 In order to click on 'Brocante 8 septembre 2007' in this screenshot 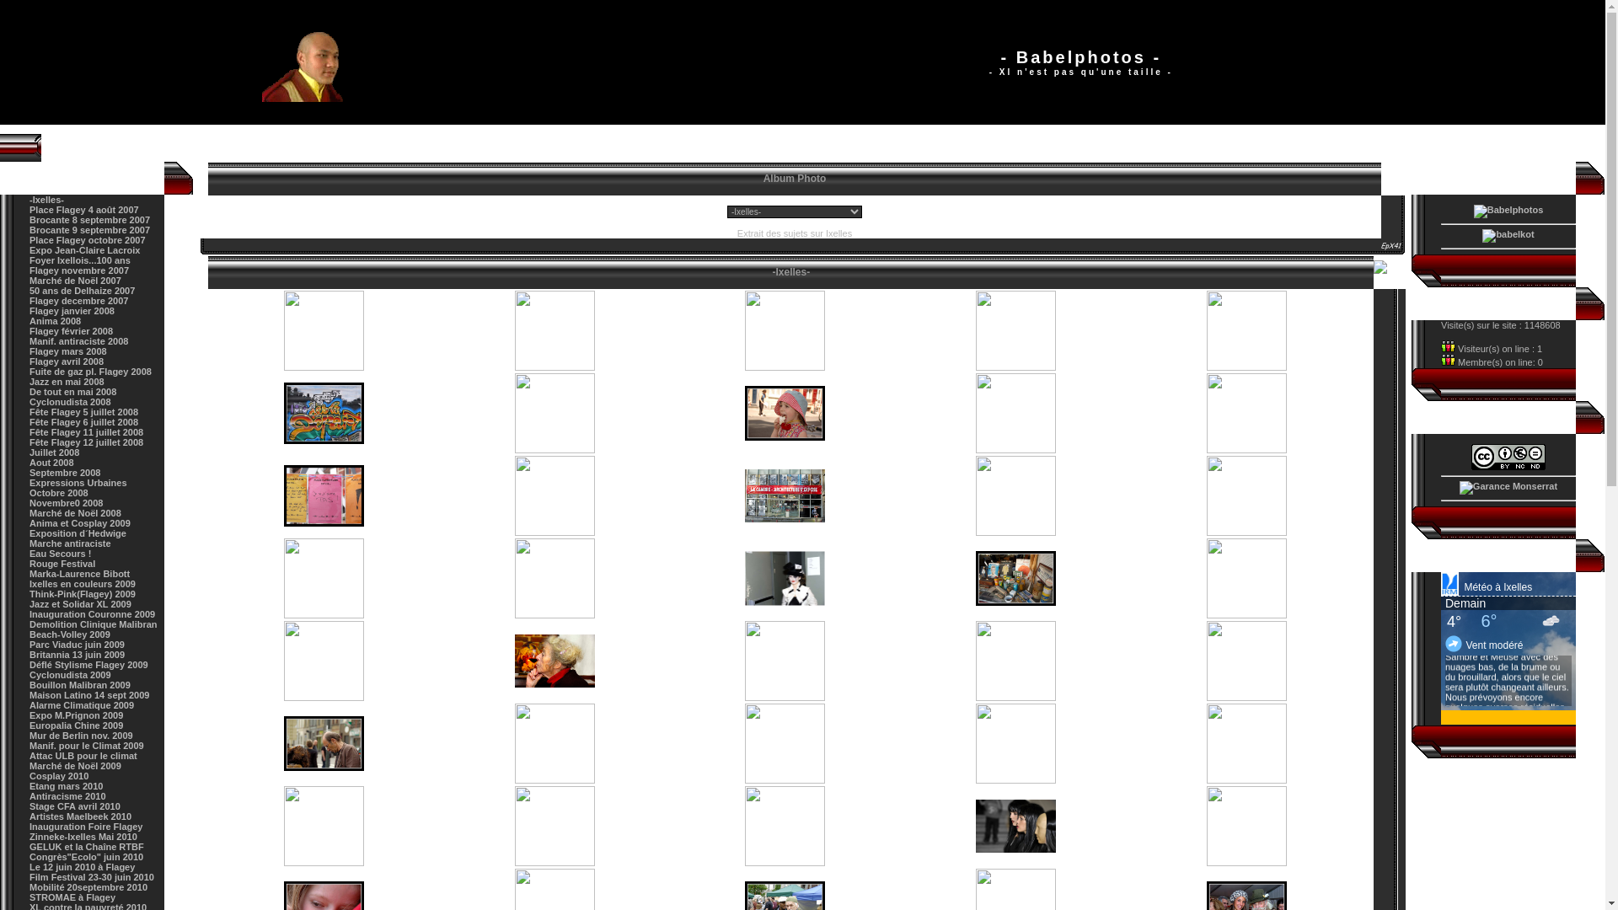, I will do `click(88, 219)`.